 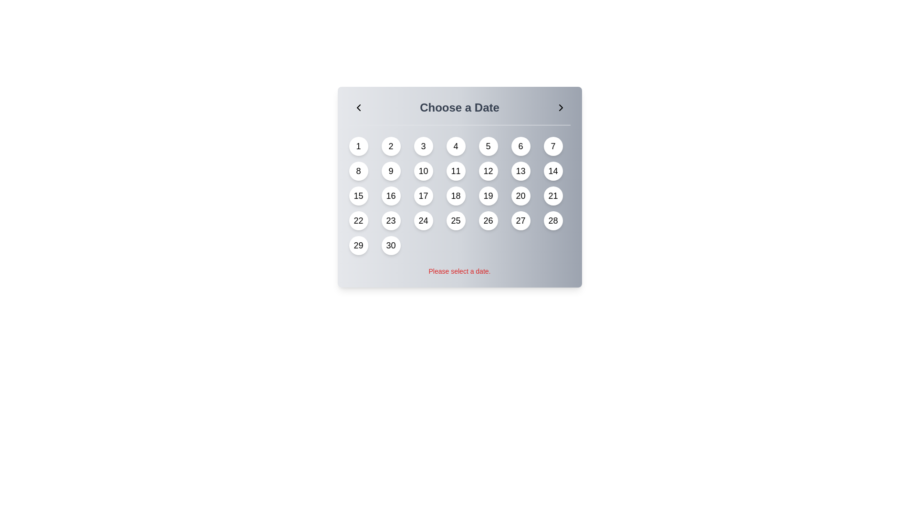 I want to click on the button representing the selectable date '22' in the calendar interface located in the 'Choose a Date' modal, positioned in the fourth row and first column of the grid layout, so click(x=358, y=220).